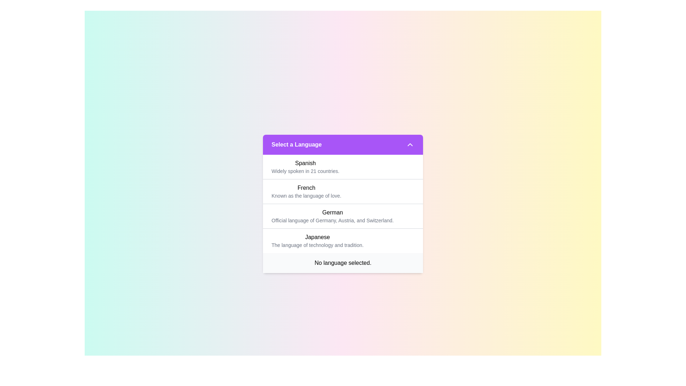 This screenshot has height=386, width=686. Describe the element at coordinates (306, 191) in the screenshot. I see `the selectable list item displaying 'French' in bold, located within the 'Select a Language' dropdown menu` at that location.